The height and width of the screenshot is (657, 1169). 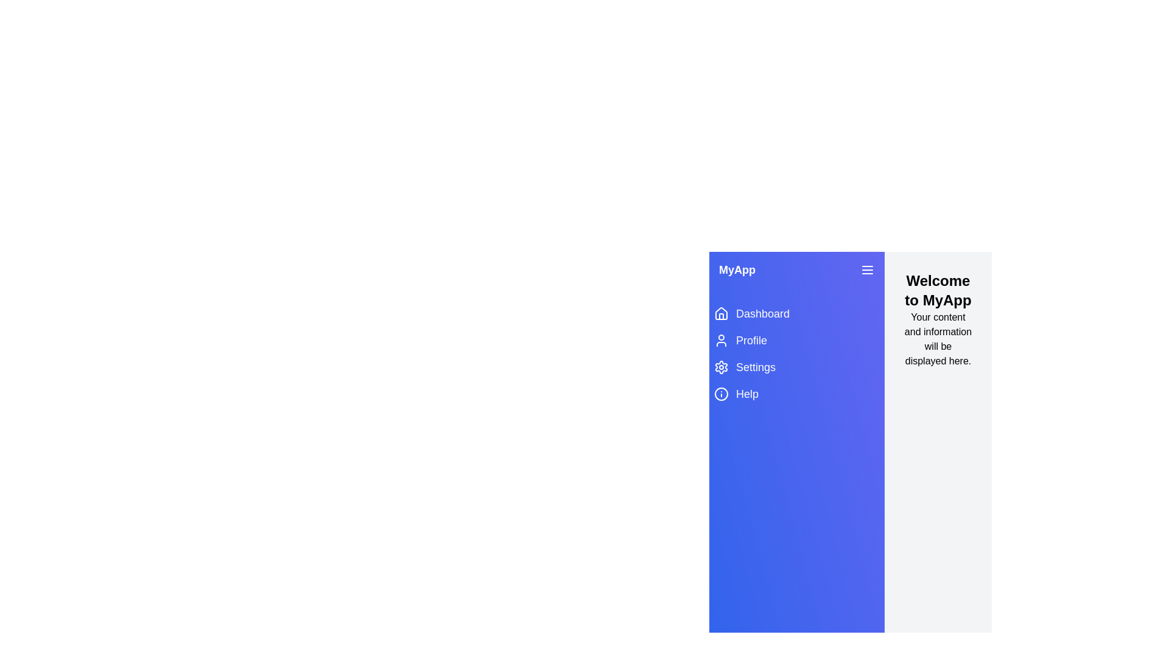 I want to click on the 'Help' menu item in the drawer, so click(x=797, y=394).